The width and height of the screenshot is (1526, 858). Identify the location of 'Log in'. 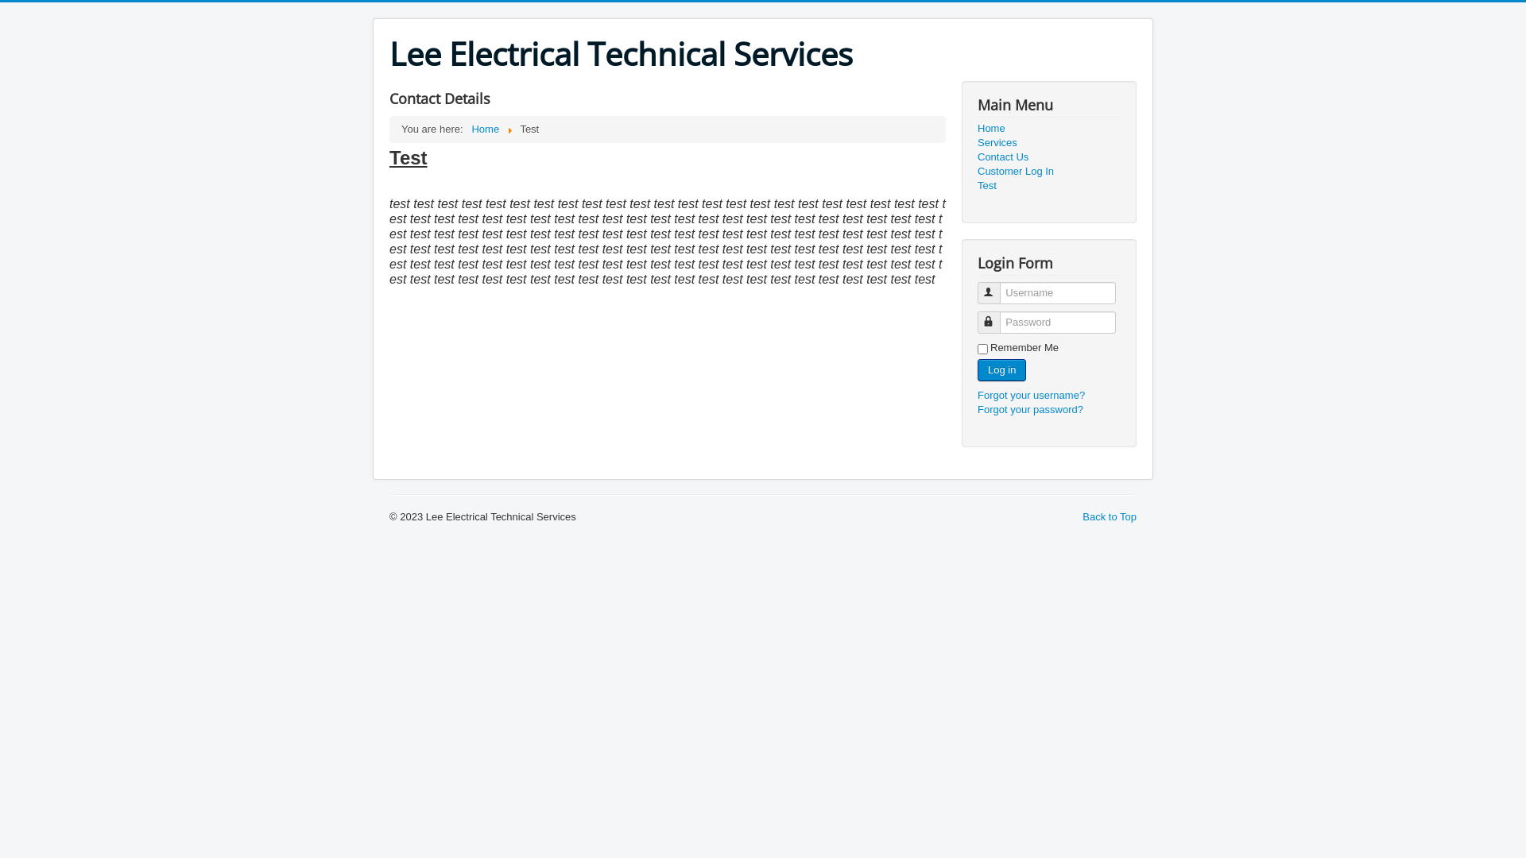
(1001, 370).